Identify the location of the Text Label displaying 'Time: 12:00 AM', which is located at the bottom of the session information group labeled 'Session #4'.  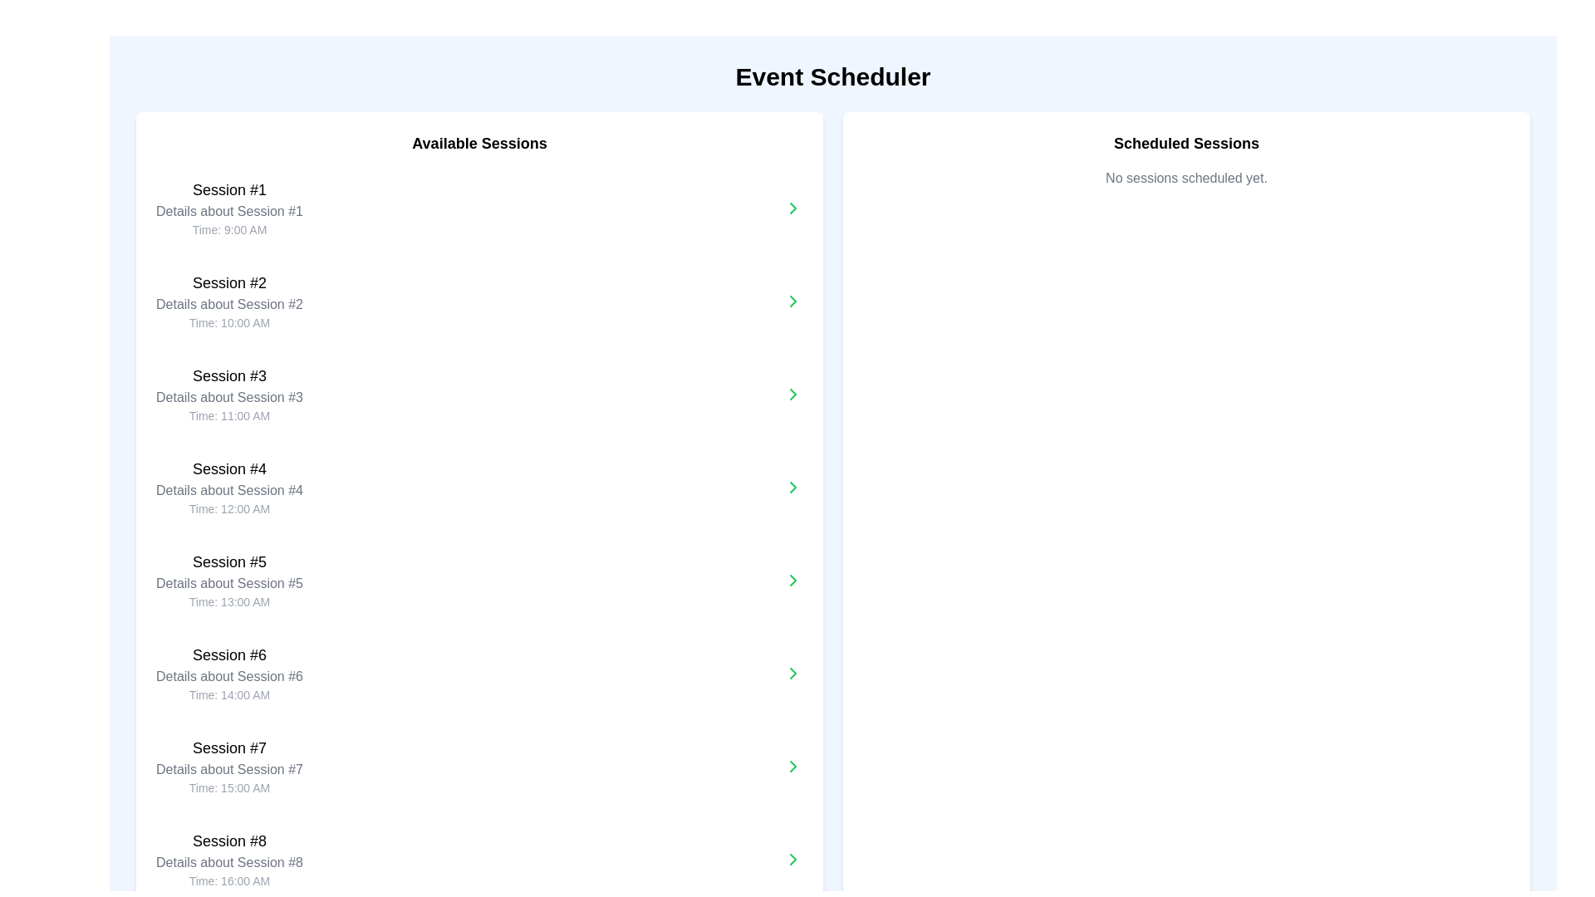
(228, 508).